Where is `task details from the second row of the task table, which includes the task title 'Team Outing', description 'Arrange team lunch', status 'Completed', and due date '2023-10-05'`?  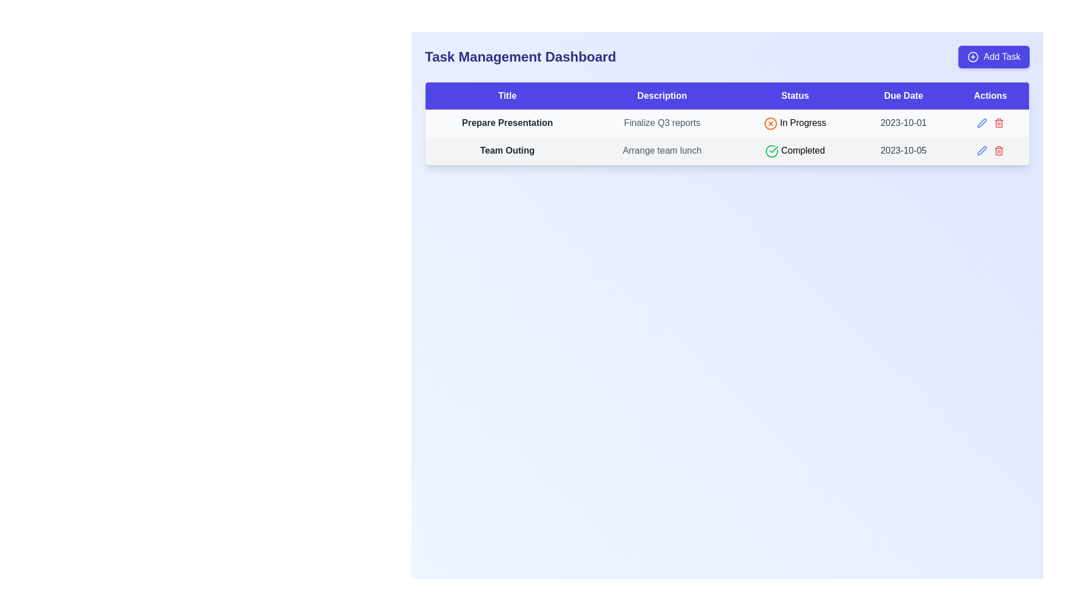 task details from the second row of the task table, which includes the task title 'Team Outing', description 'Arrange team lunch', status 'Completed', and due date '2023-10-05' is located at coordinates (727, 150).